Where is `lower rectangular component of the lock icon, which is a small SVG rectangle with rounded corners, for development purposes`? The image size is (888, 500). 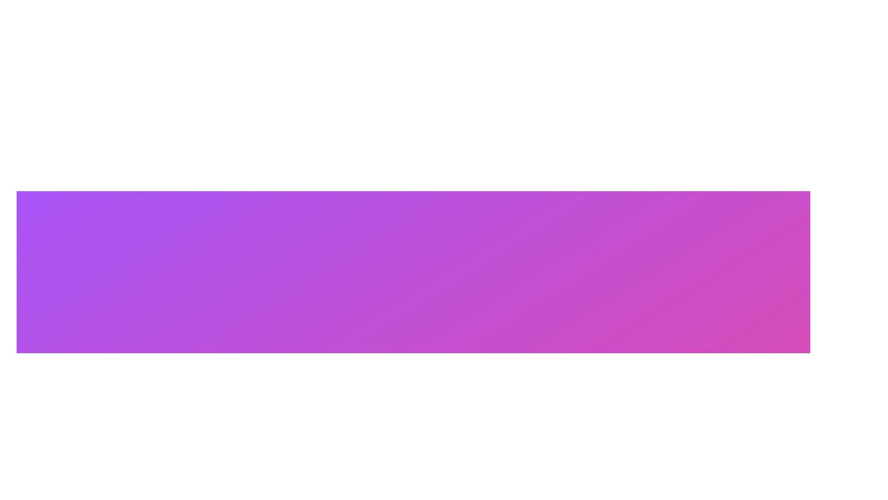 lower rectangular component of the lock icon, which is a small SVG rectangle with rounded corners, for development purposes is located at coordinates (346, 455).